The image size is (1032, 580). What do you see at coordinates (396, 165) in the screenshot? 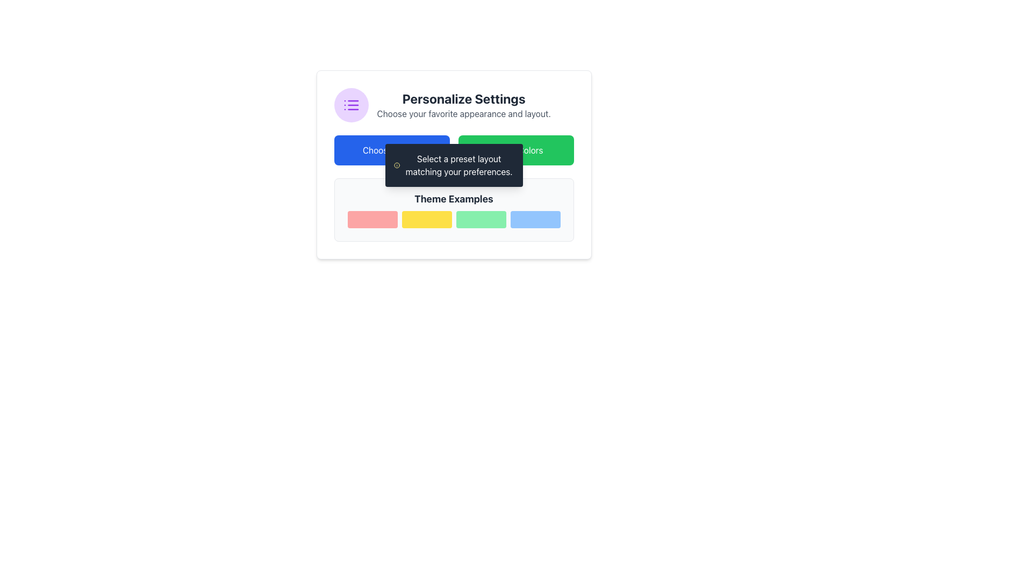
I see `the presence of the information icon, which is a circular outline with an 'i' inside, located to the left of the text 'Select a preset layout matching your preferences.'` at bounding box center [396, 165].